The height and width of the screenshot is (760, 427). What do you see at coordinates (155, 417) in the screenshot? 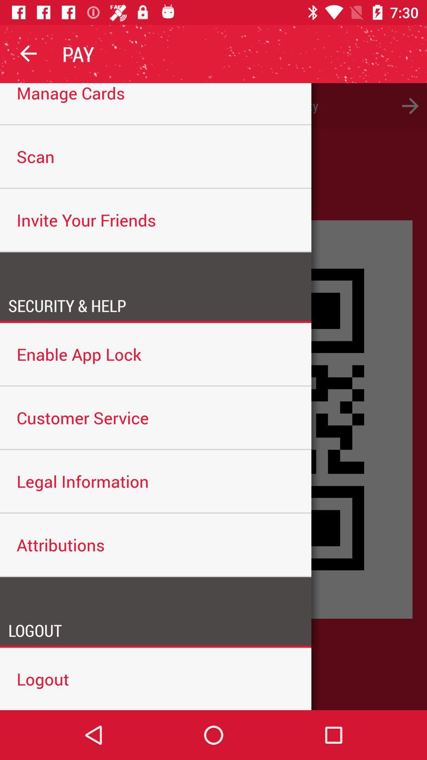
I see `customer service item` at bounding box center [155, 417].